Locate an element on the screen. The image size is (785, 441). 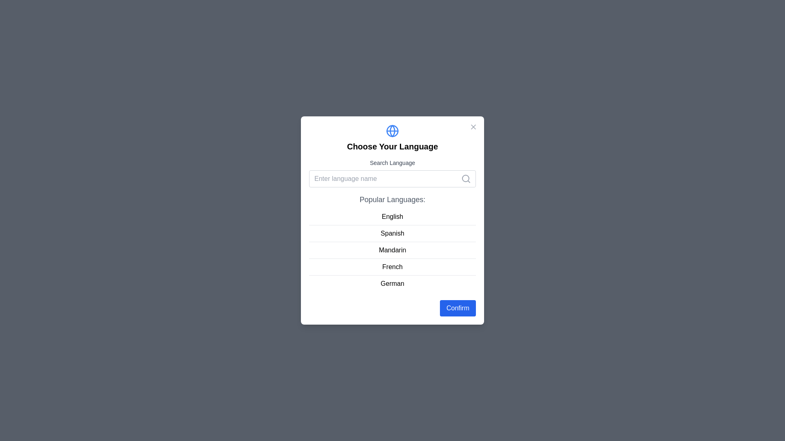
the close button at the top right of the dialog to close it is located at coordinates (473, 127).